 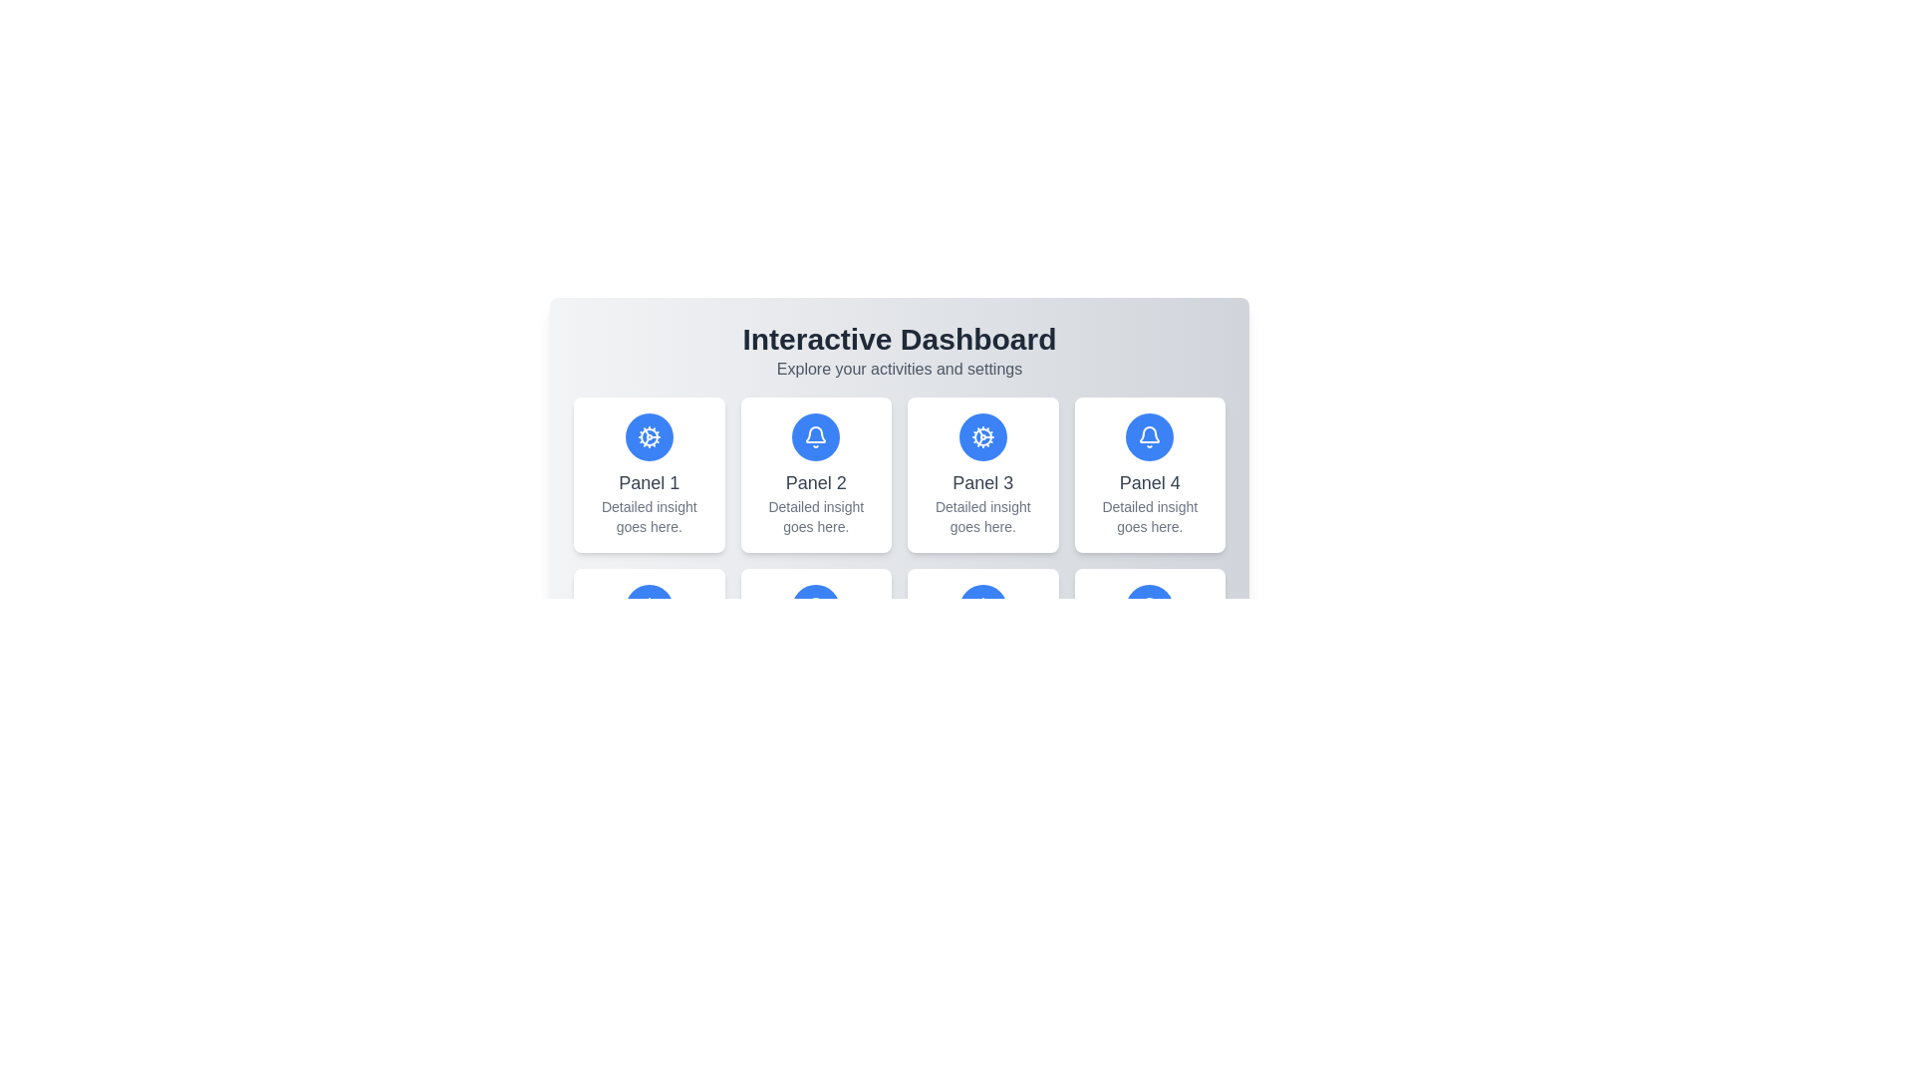 What do you see at coordinates (898, 351) in the screenshot?
I see `the Label or Title Section at the top of the dashboard interface that provides a summary of the page's purpose and functionalities` at bounding box center [898, 351].